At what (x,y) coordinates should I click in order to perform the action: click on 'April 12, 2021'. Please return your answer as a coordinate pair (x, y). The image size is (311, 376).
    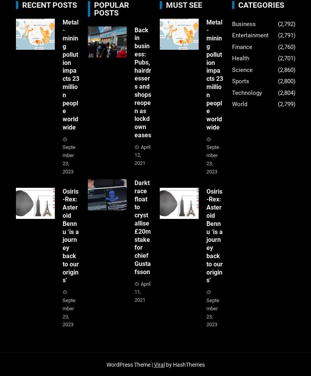
    Looking at the image, I should click on (142, 155).